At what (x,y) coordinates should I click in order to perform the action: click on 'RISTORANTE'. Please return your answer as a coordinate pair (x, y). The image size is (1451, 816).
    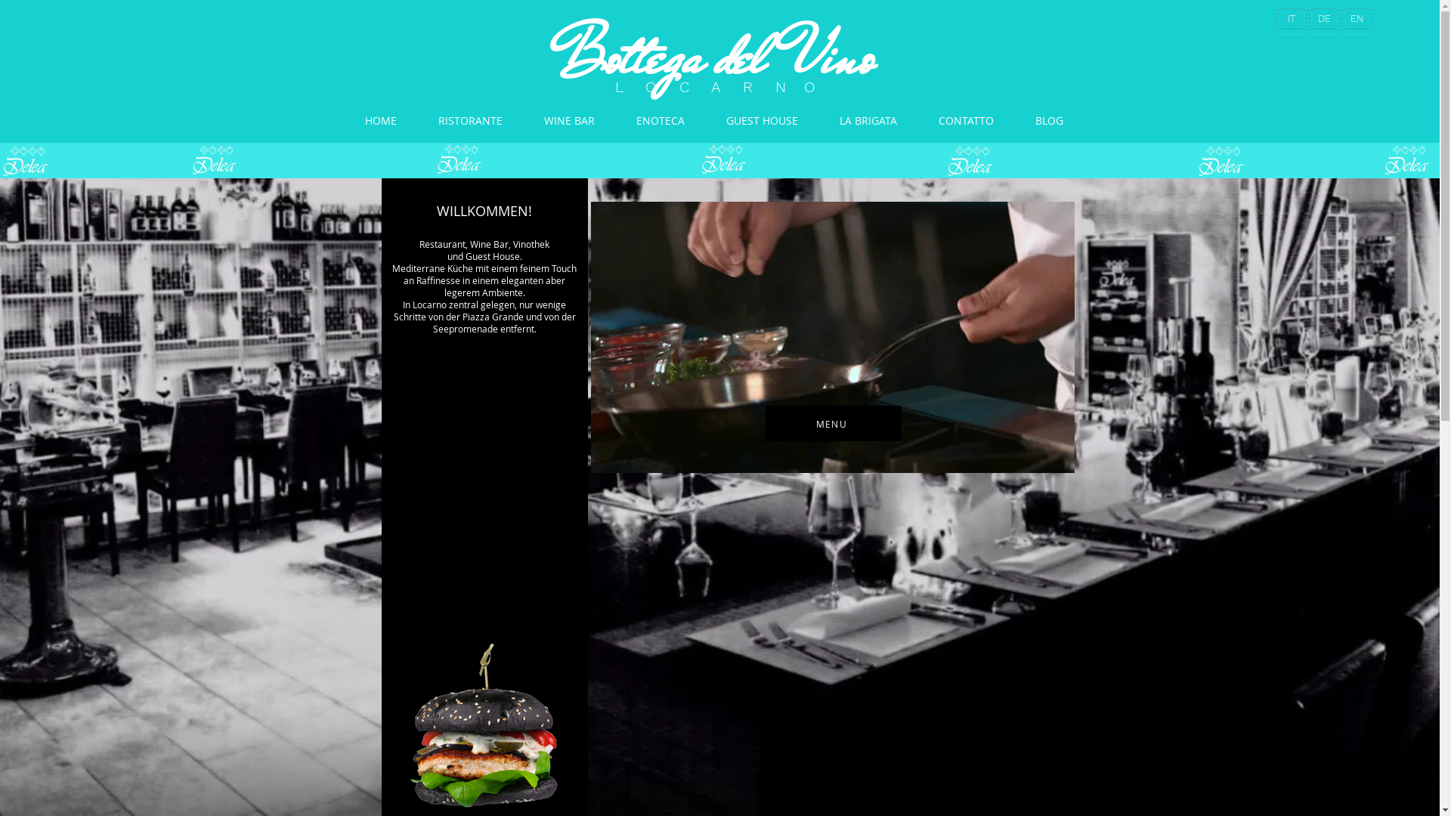
    Looking at the image, I should click on (469, 119).